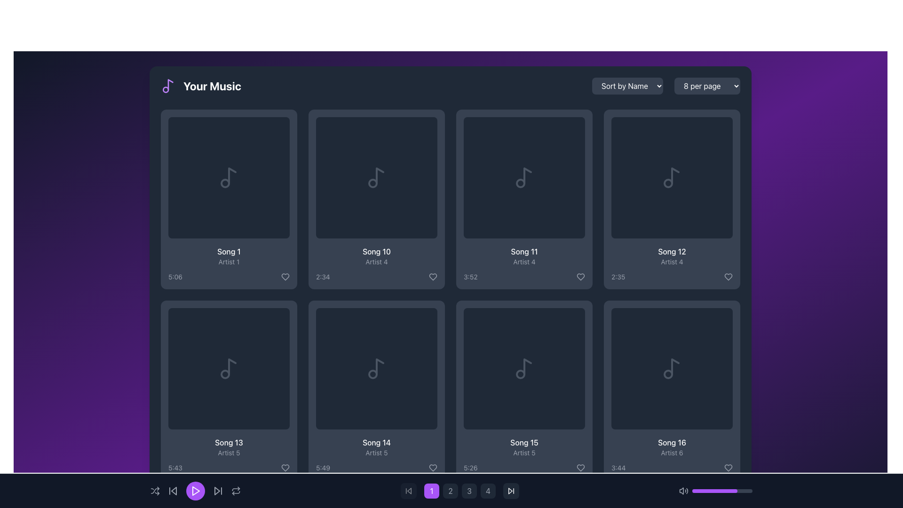 This screenshot has height=508, width=903. I want to click on the triangular play icon button located in the first music card titled 'Song 1 - Artist 1', so click(229, 178).